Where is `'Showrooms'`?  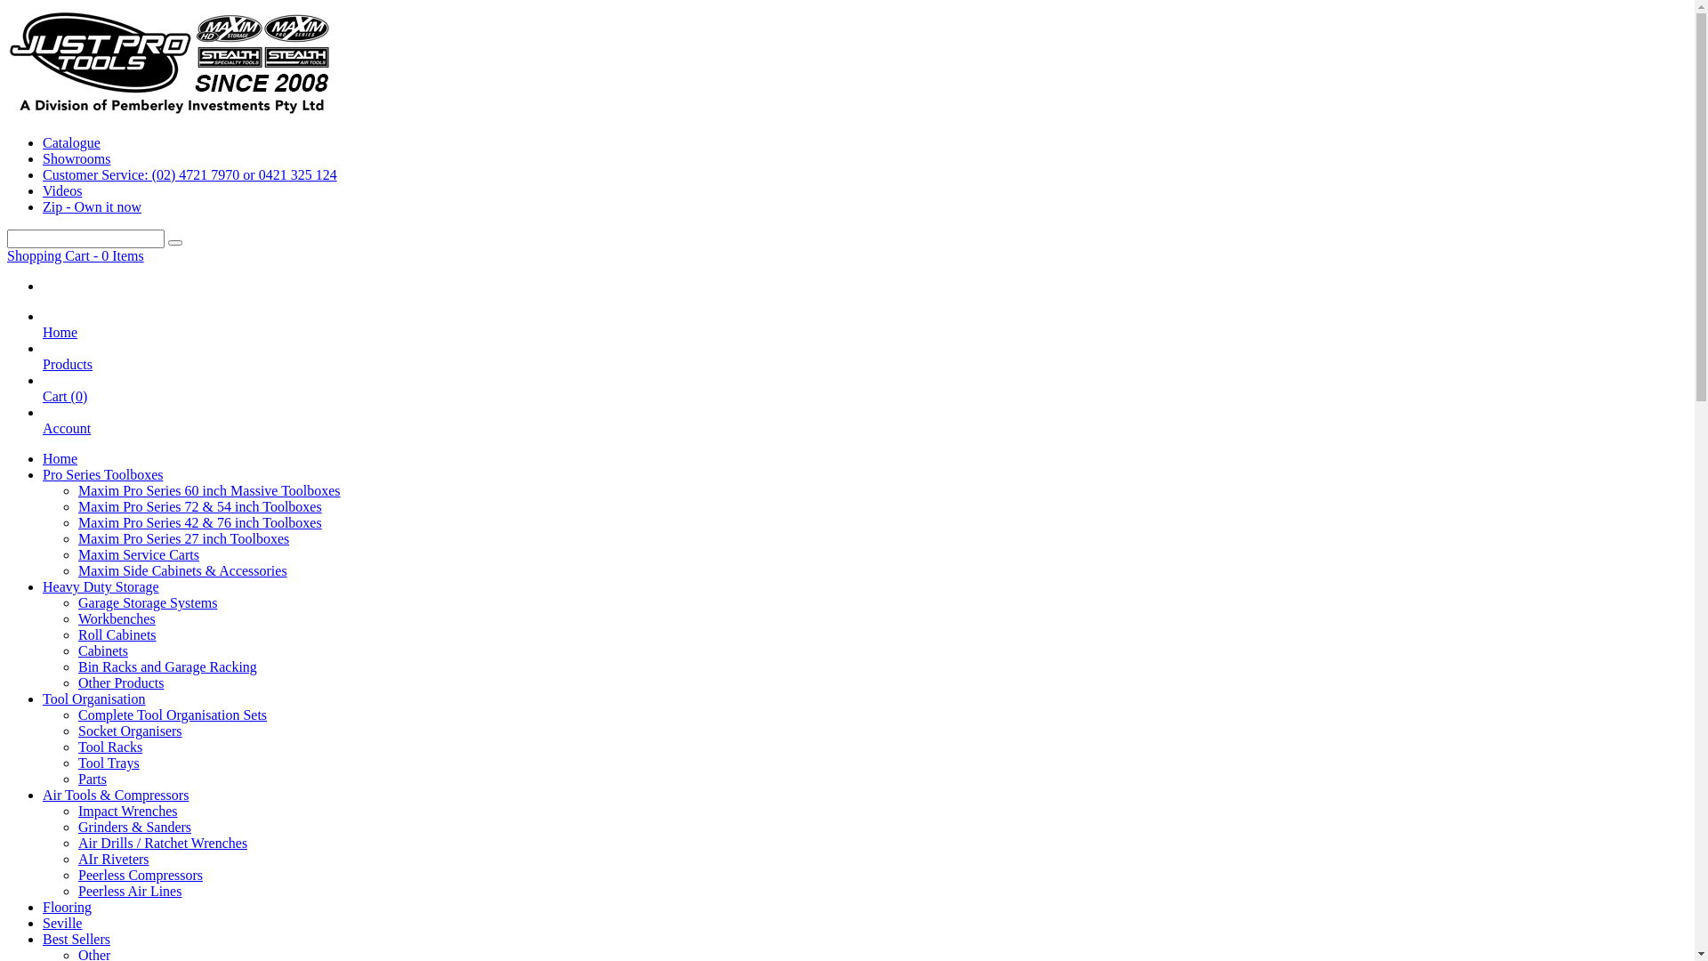
'Showrooms' is located at coordinates (76, 157).